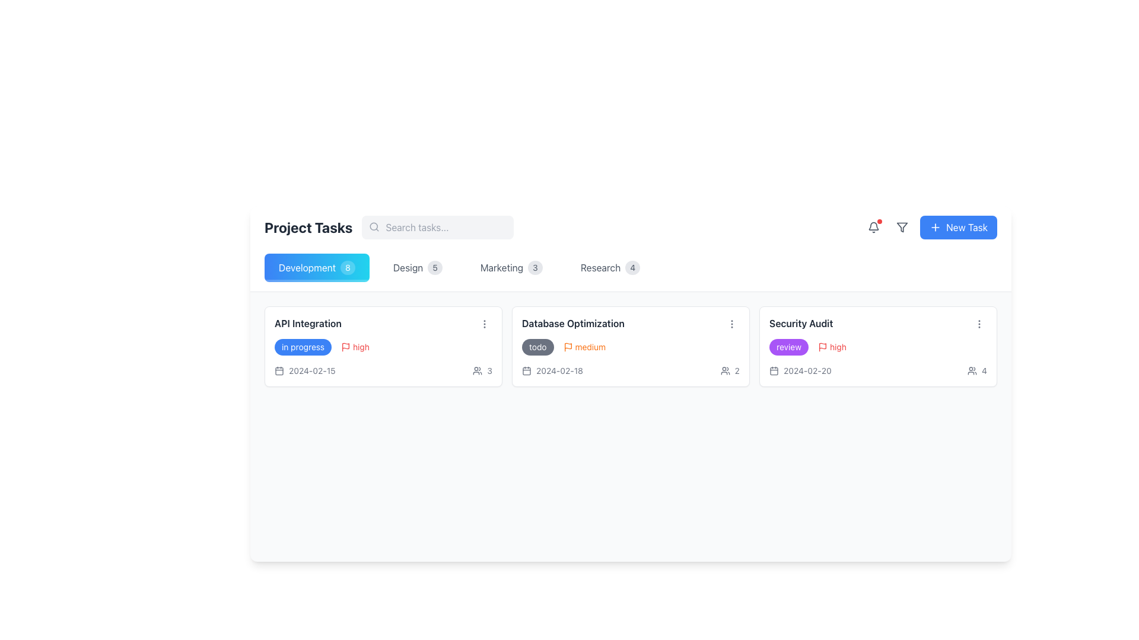  Describe the element at coordinates (610, 267) in the screenshot. I see `the 'Research' button, which is the fourth button in a horizontal group` at that location.